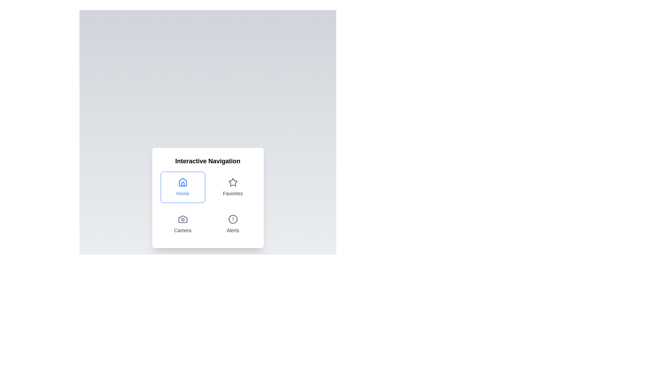  Describe the element at coordinates (233, 224) in the screenshot. I see `the navigation item corresponding to Alerts to activate it` at that location.